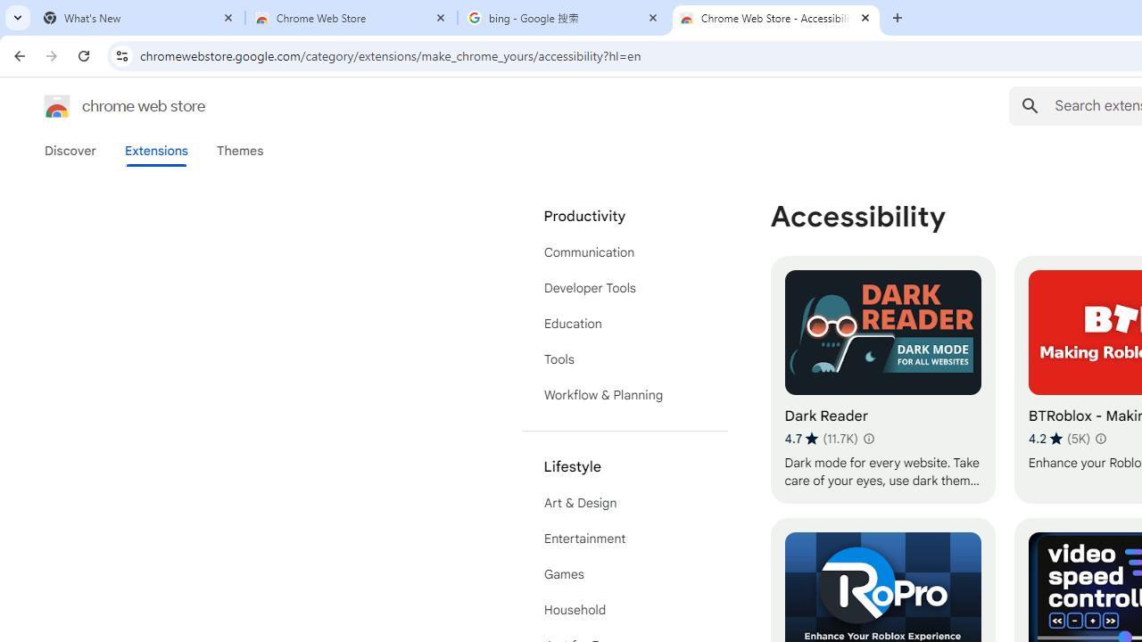 Image resolution: width=1142 pixels, height=642 pixels. What do you see at coordinates (105, 106) in the screenshot?
I see `'Chrome Web Store logo chrome web store'` at bounding box center [105, 106].